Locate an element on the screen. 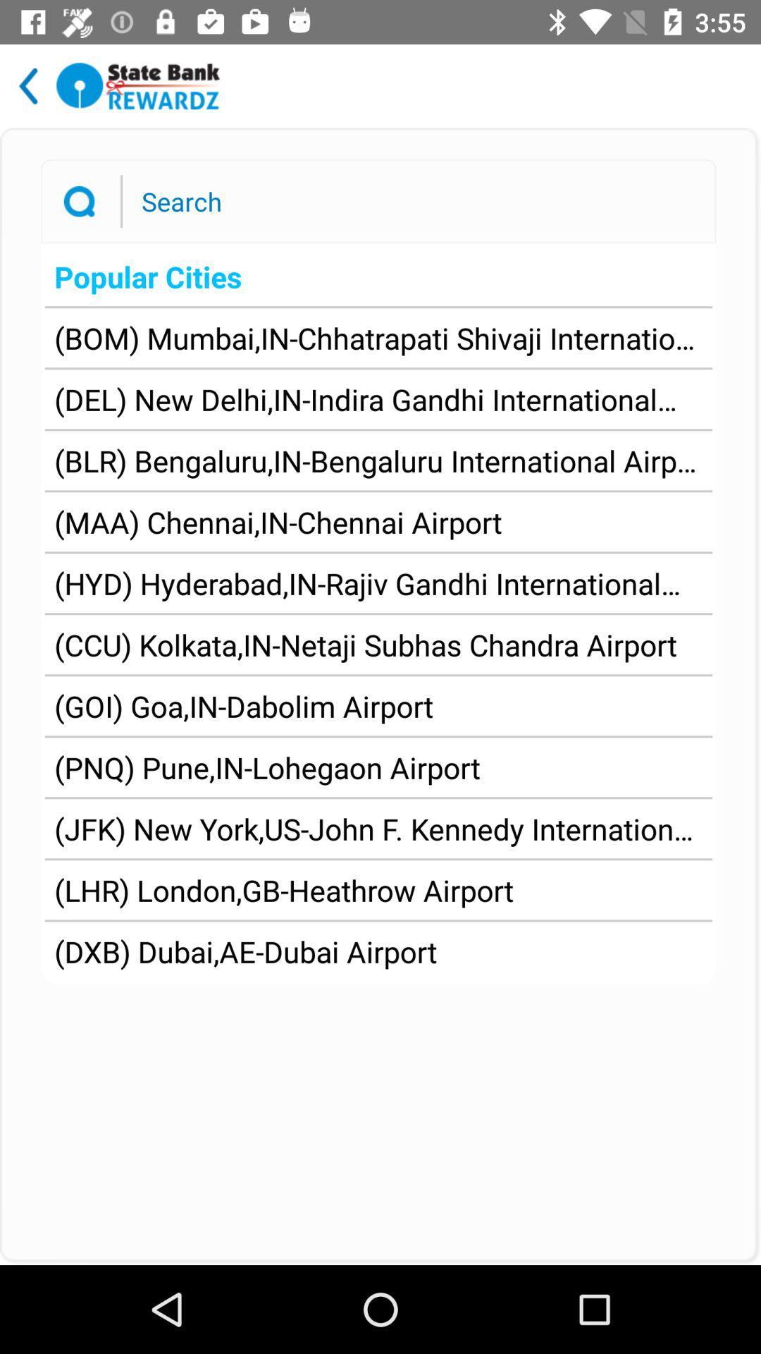  the app below maa chennai in app is located at coordinates (378, 583).